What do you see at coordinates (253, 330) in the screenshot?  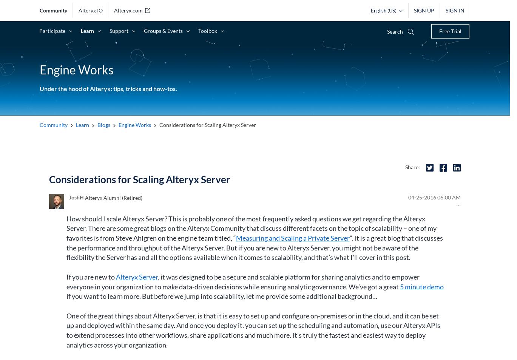 I see `'One of the great things about Alteryx Server, is that it is easy to set up and configure on-premises or in the cloud, and it can be set up and deployed within the same day. And once you deploy it, you can set up the scheduling and automation, use our Alteryx APIs to extend processes into other workflows, share applications and much more. It’s truly the fastest and easiest way to deploy analytics across your organization.'` at bounding box center [253, 330].